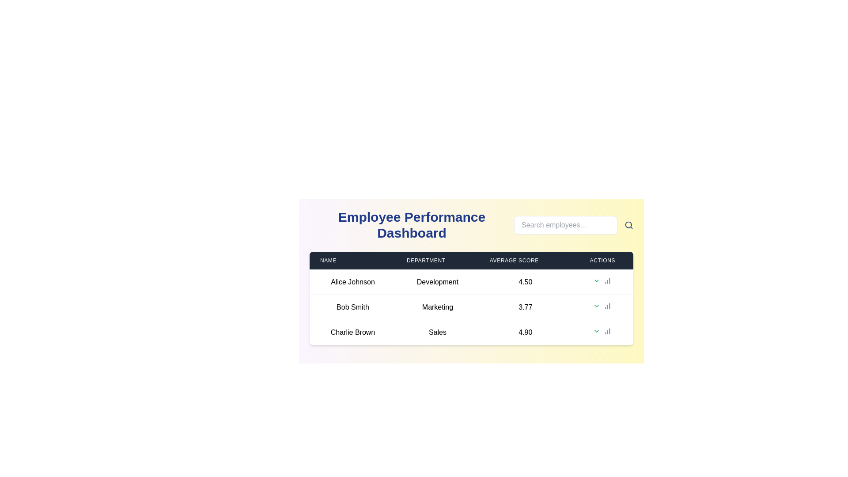 This screenshot has height=477, width=848. Describe the element at coordinates (525, 282) in the screenshot. I see `displayed average score value associated with 'Alice Johnson' in the 'AVERAGE SCORE' column of the 'Employee Performance Dashboard' table` at that location.